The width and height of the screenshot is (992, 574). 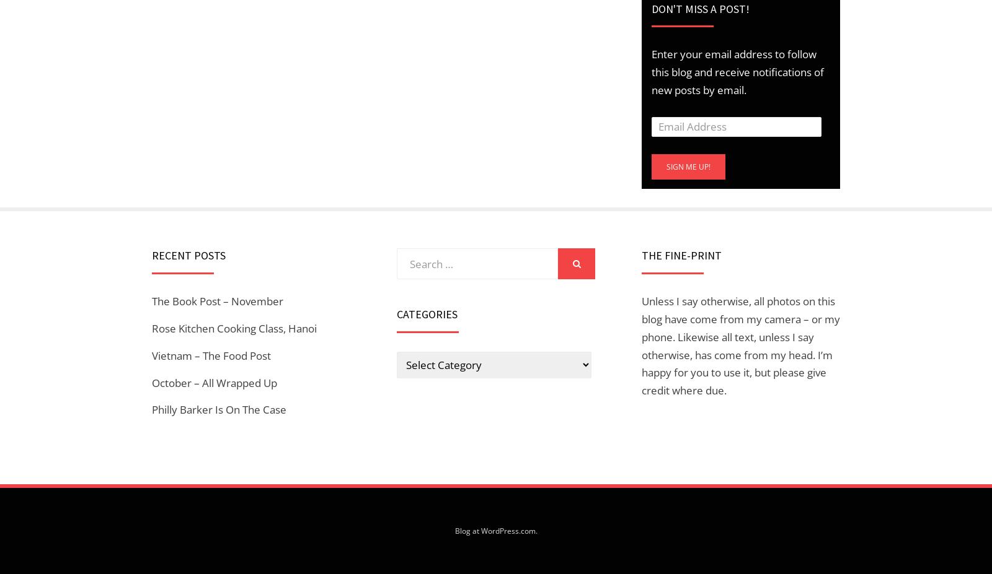 What do you see at coordinates (681, 254) in the screenshot?
I see `'The Fine-print'` at bounding box center [681, 254].